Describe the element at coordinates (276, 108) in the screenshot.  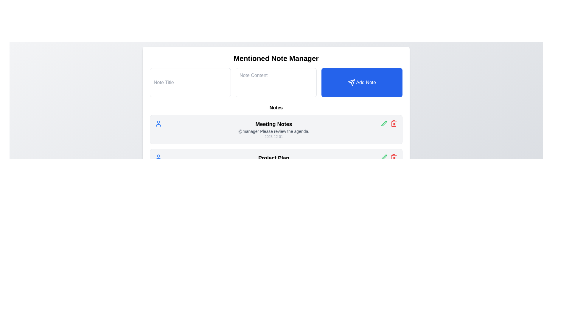
I see `the header element that serves as a title for the notes section, which is centrally aligned and positioned above the list of note entries` at that location.